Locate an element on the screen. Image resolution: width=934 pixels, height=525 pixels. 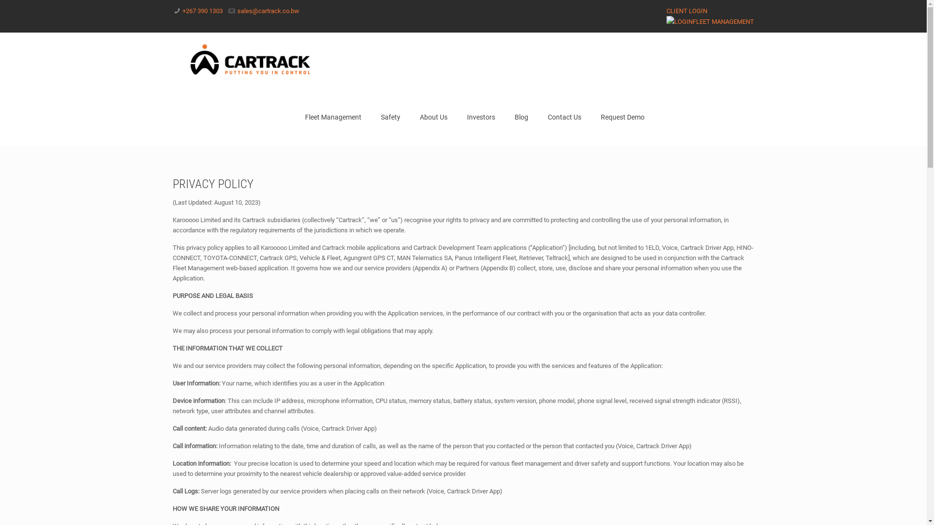
'Blog' is located at coordinates (521, 116).